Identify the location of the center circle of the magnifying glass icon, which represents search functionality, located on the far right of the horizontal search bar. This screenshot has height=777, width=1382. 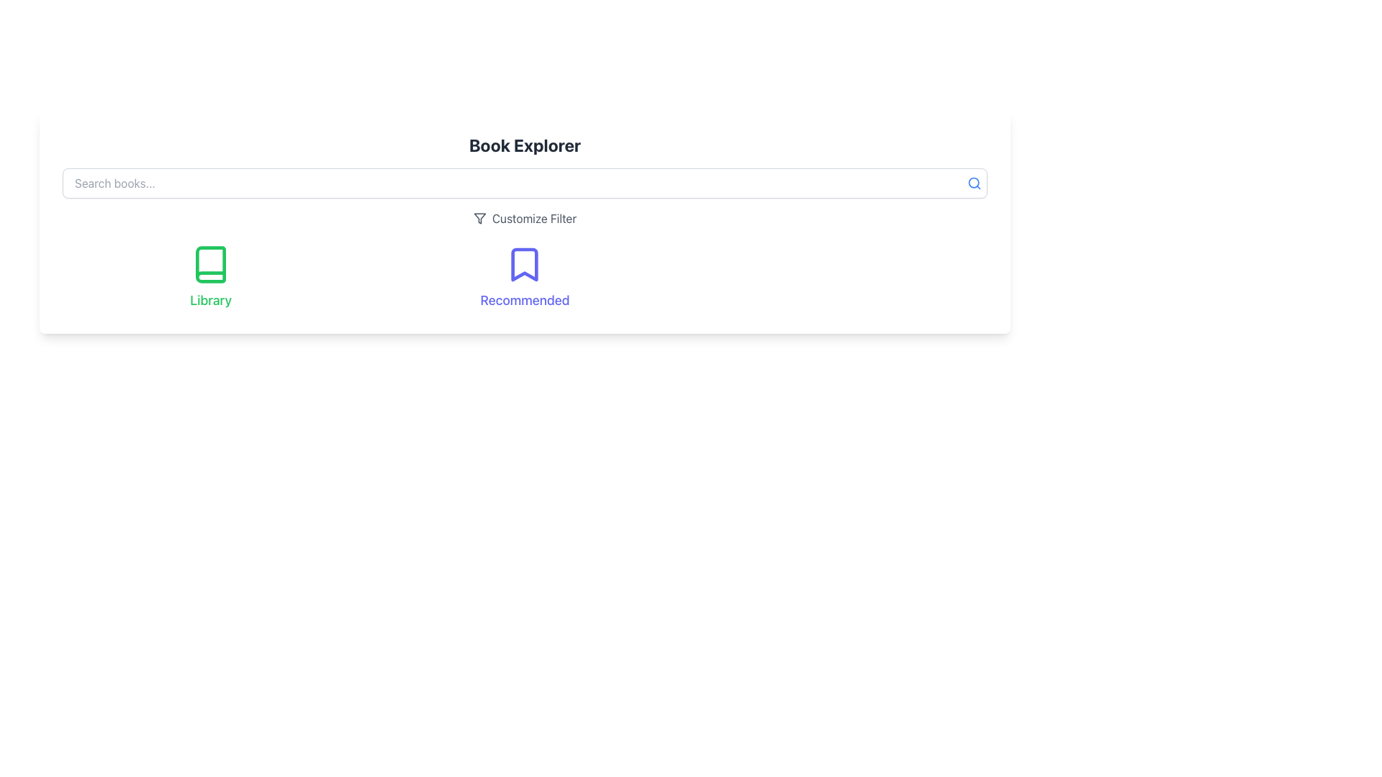
(974, 182).